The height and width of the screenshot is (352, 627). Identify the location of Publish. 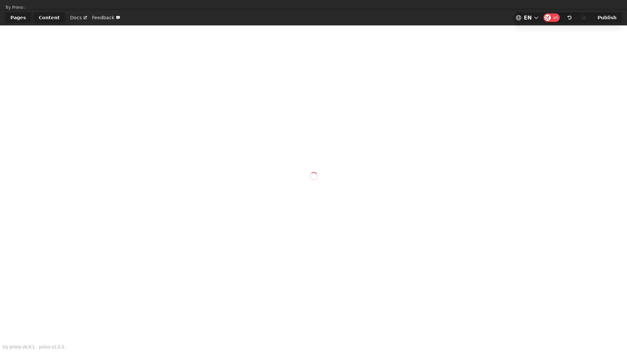
(606, 17).